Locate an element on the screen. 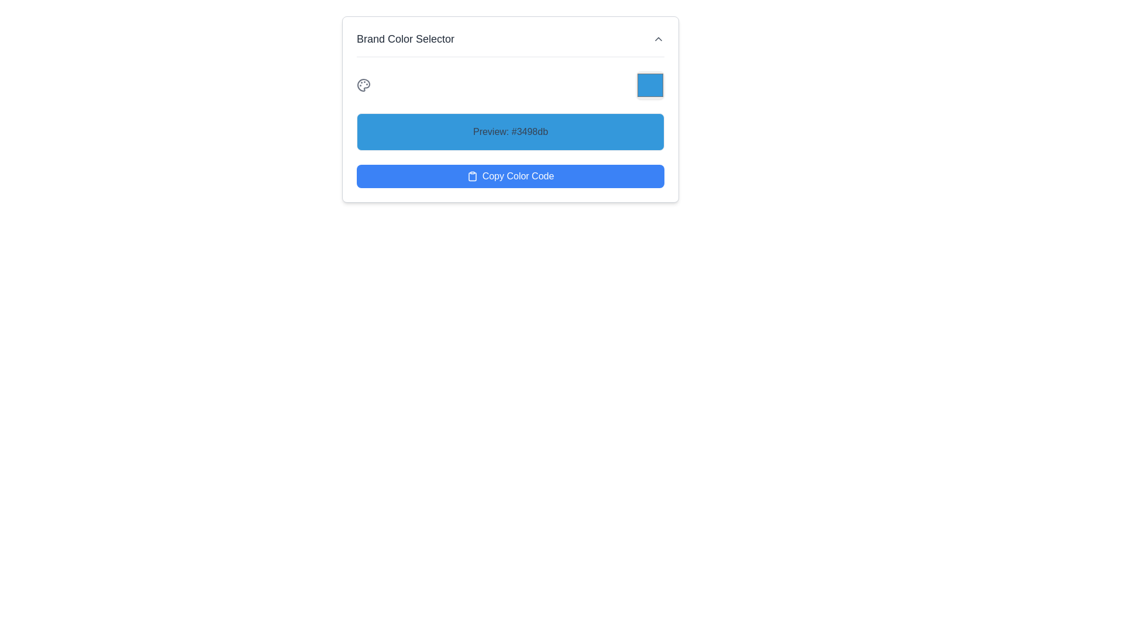 Image resolution: width=1123 pixels, height=631 pixels. the button that allows users to copy the color code displayed in the 'Brand Color Selector' section is located at coordinates (511, 176).